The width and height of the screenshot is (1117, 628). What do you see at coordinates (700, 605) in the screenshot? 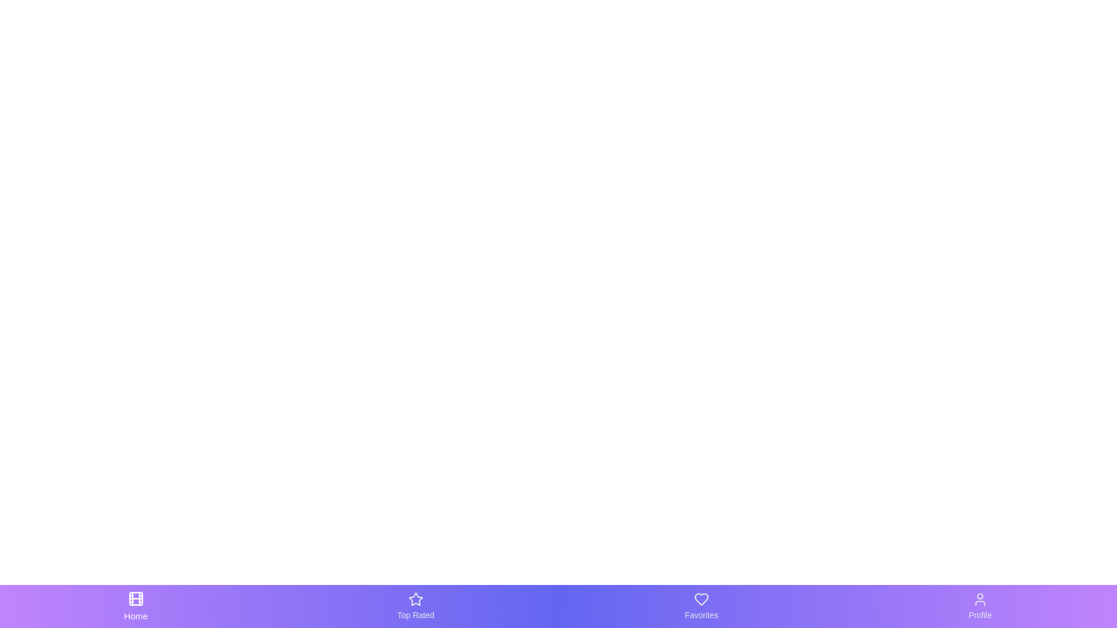
I see `the tab labeled Favorites in the bottom navigation bar` at bounding box center [700, 605].